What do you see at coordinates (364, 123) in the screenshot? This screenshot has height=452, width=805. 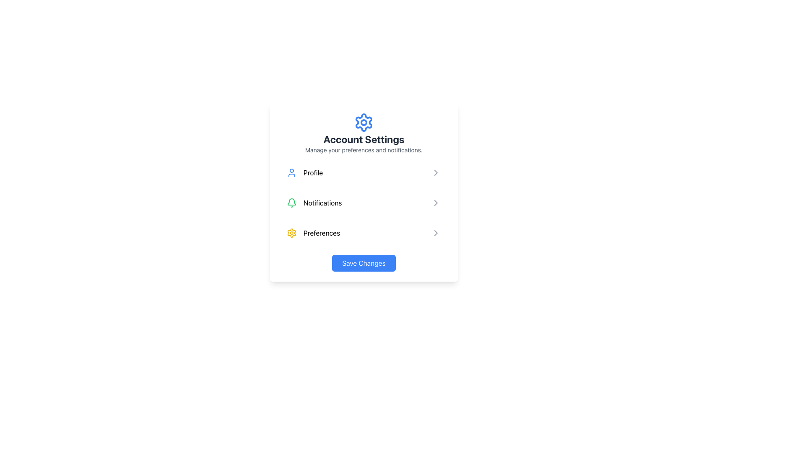 I see `the gear-shaped icon with a blue outline located at the center of the card above the 'Account Settings' title` at bounding box center [364, 123].